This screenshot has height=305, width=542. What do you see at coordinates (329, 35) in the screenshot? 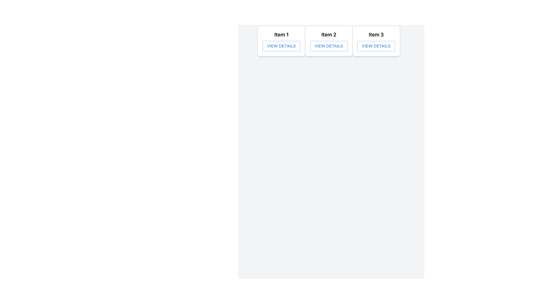
I see `the text label that reads 'Item 2', which is prominently displayed in a bold, large font at the top of the middle card and above the 'View Details' button` at bounding box center [329, 35].